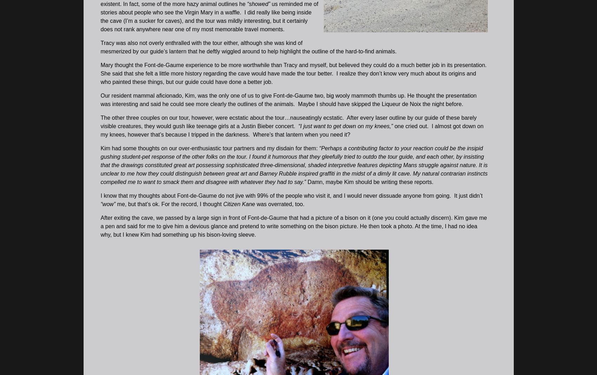 This screenshot has width=597, height=375. What do you see at coordinates (100, 121) in the screenshot?
I see `'The other three couples on our tour, however, were ecstatic about the tour…nauseatingly ecstatic.  After every laser outline by our guide of these barely visible creatures, they would gush like teenage girls at a Justin Bieber concert.'` at bounding box center [100, 121].